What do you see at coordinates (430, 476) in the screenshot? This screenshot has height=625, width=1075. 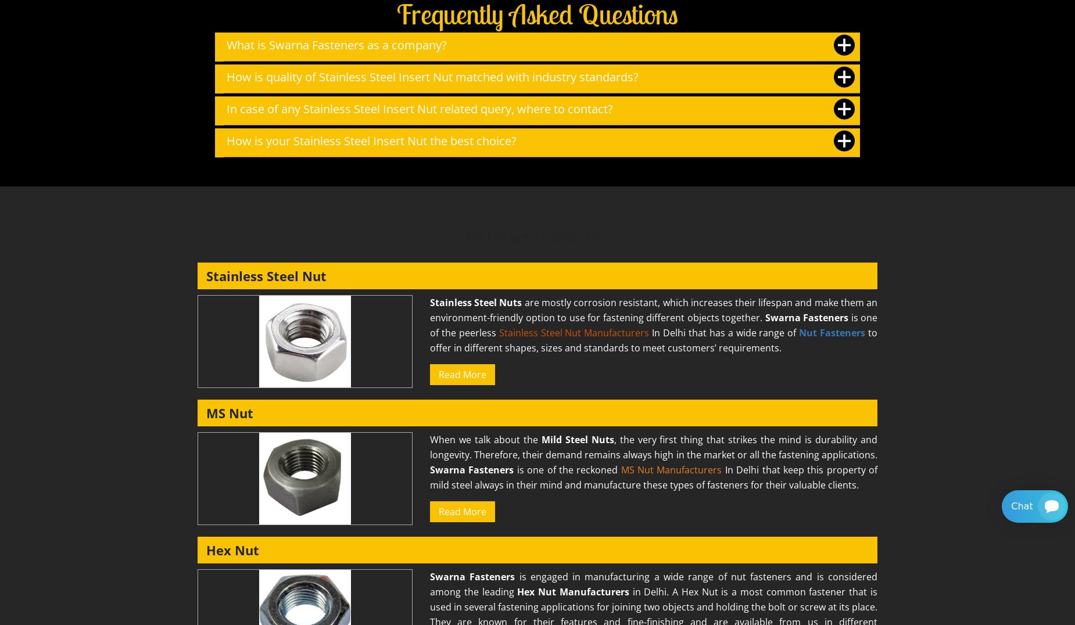 I see `'In Delhi that keep this property of mild steel always in their mind and manufacture these types of fasteners for their valuable clients.'` at bounding box center [430, 476].